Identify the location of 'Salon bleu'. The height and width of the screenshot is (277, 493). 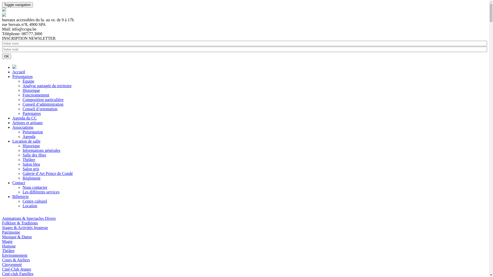
(31, 164).